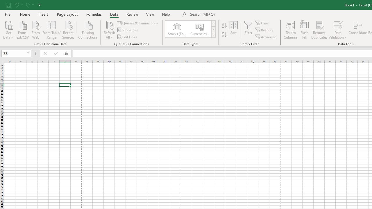  What do you see at coordinates (213, 23) in the screenshot?
I see `'Row up'` at bounding box center [213, 23].